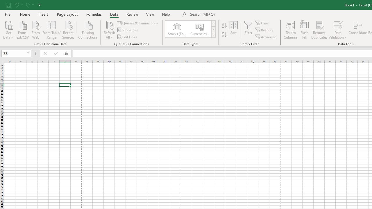  What do you see at coordinates (213, 23) in the screenshot?
I see `'Row up'` at bounding box center [213, 23].